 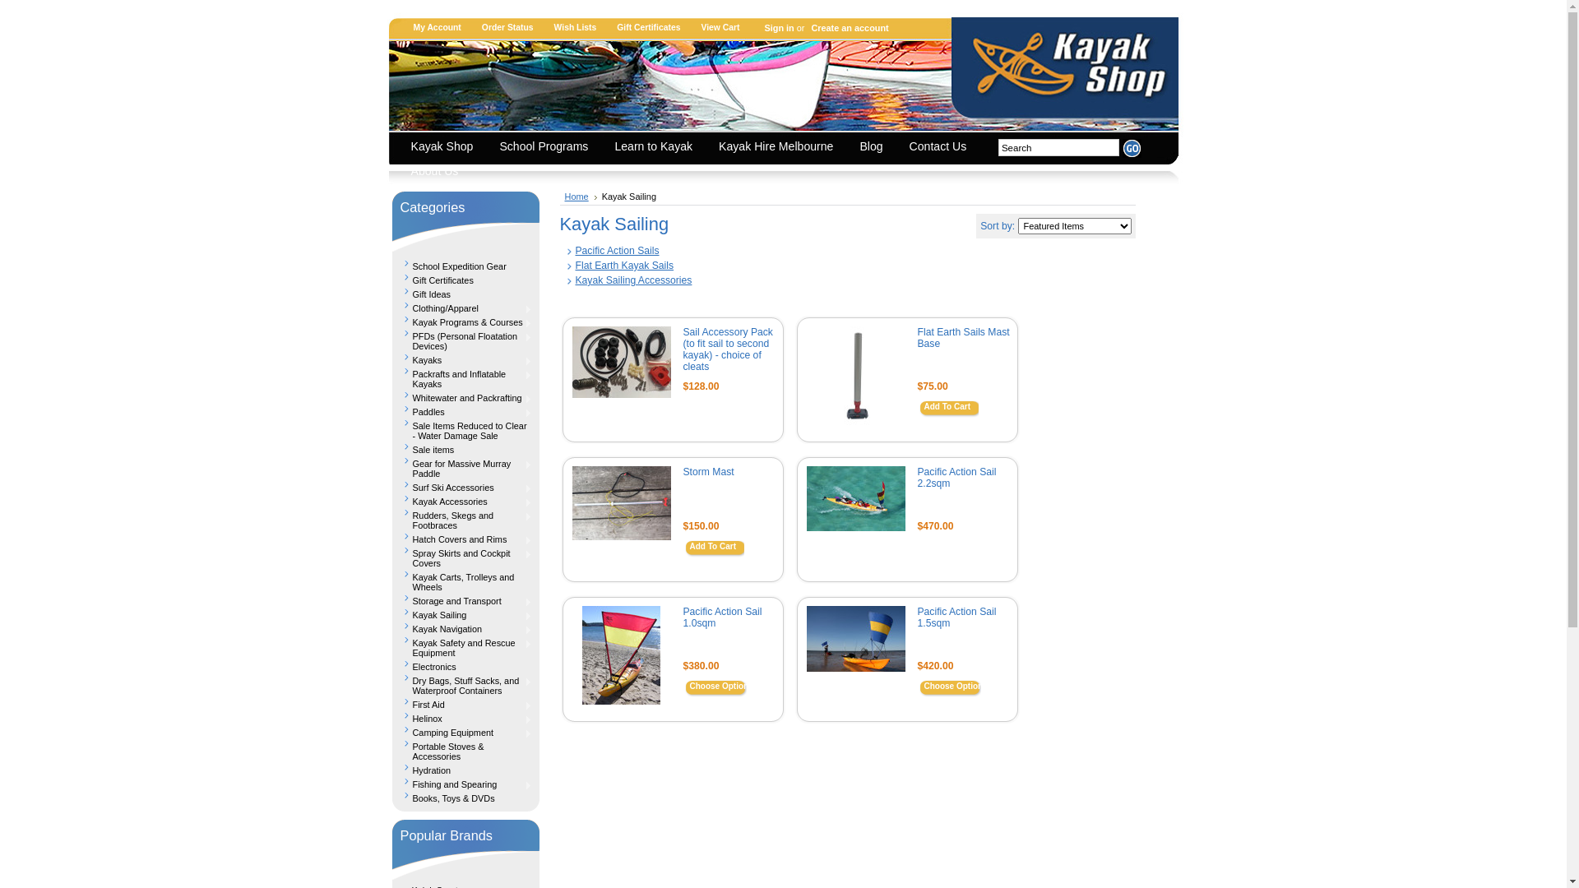 I want to click on 'Sale Items Reduced to Clear - Water Damage Sale', so click(x=390, y=428).